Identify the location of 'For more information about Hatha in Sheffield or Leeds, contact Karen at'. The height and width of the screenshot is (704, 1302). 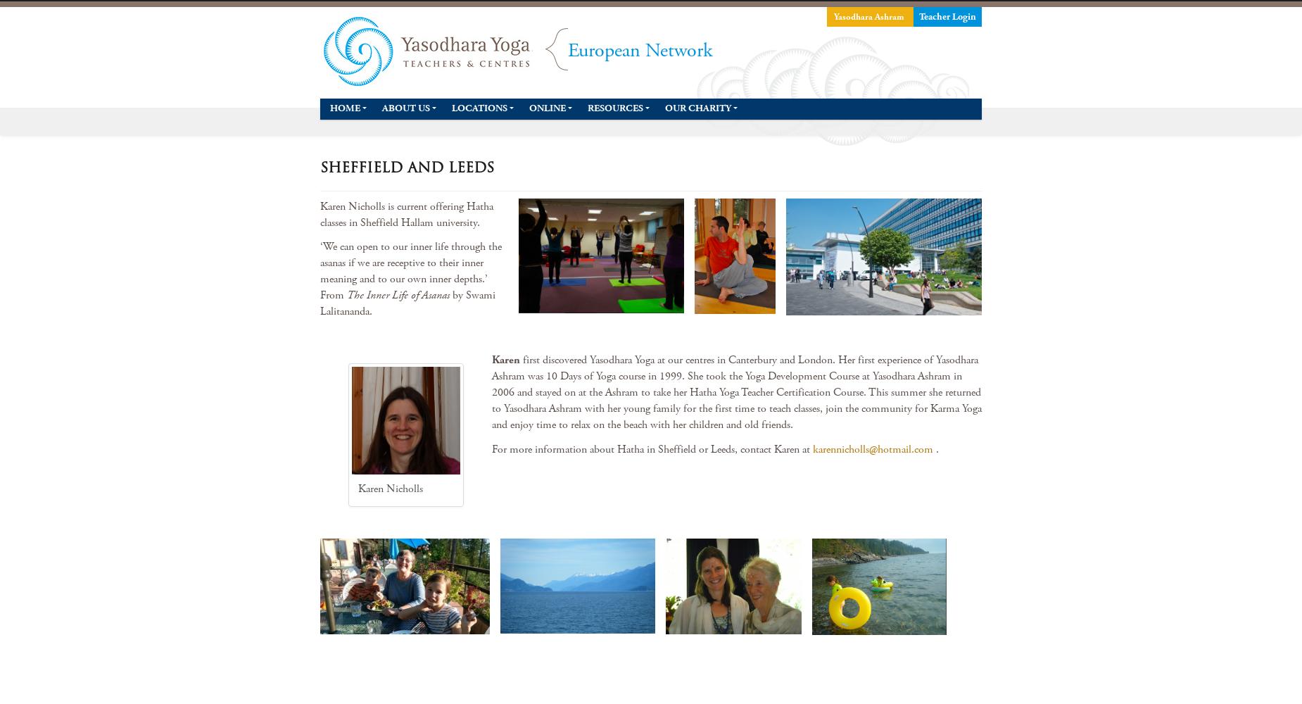
(491, 448).